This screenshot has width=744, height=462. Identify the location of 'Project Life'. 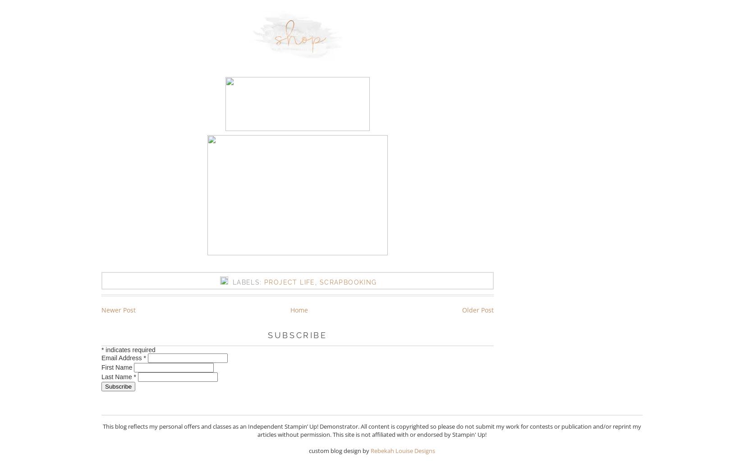
(289, 281).